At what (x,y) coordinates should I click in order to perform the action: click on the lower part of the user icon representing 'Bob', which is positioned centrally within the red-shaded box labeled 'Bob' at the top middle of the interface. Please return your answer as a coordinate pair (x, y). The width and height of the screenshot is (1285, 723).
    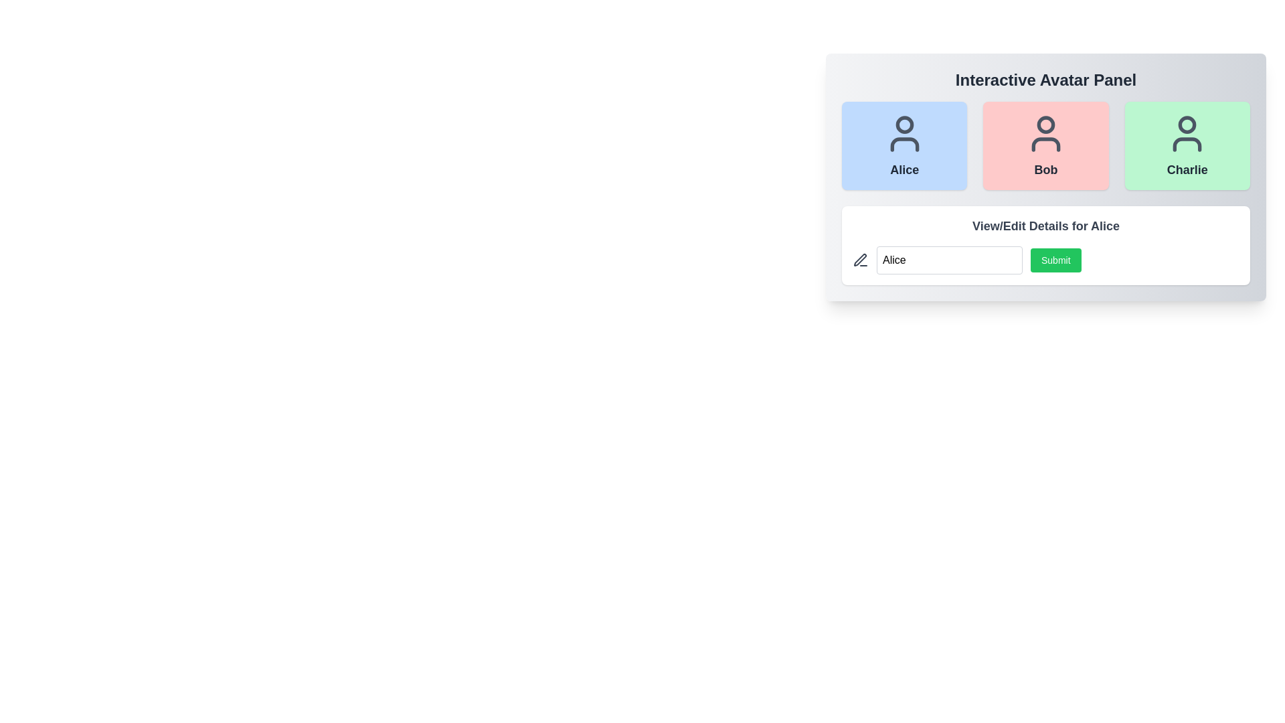
    Looking at the image, I should click on (1045, 145).